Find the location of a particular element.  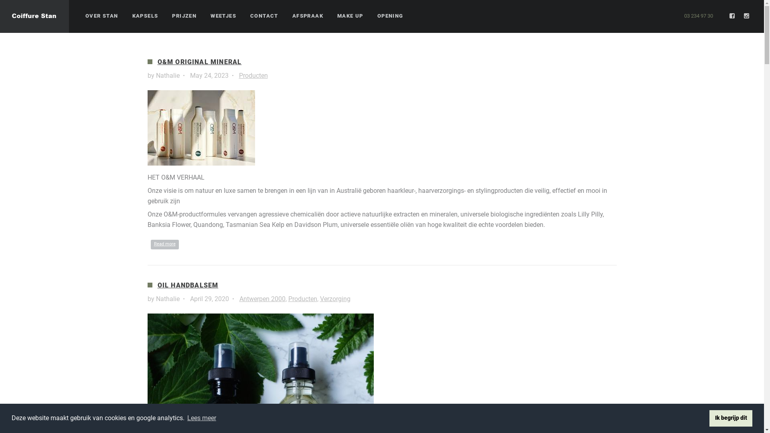

'OPENING' is located at coordinates (390, 16).